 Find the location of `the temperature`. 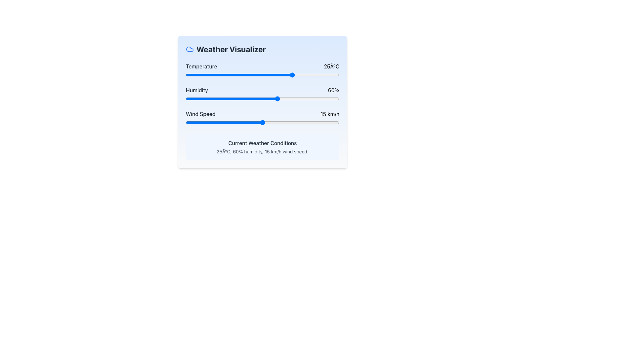

the temperature is located at coordinates (201, 75).